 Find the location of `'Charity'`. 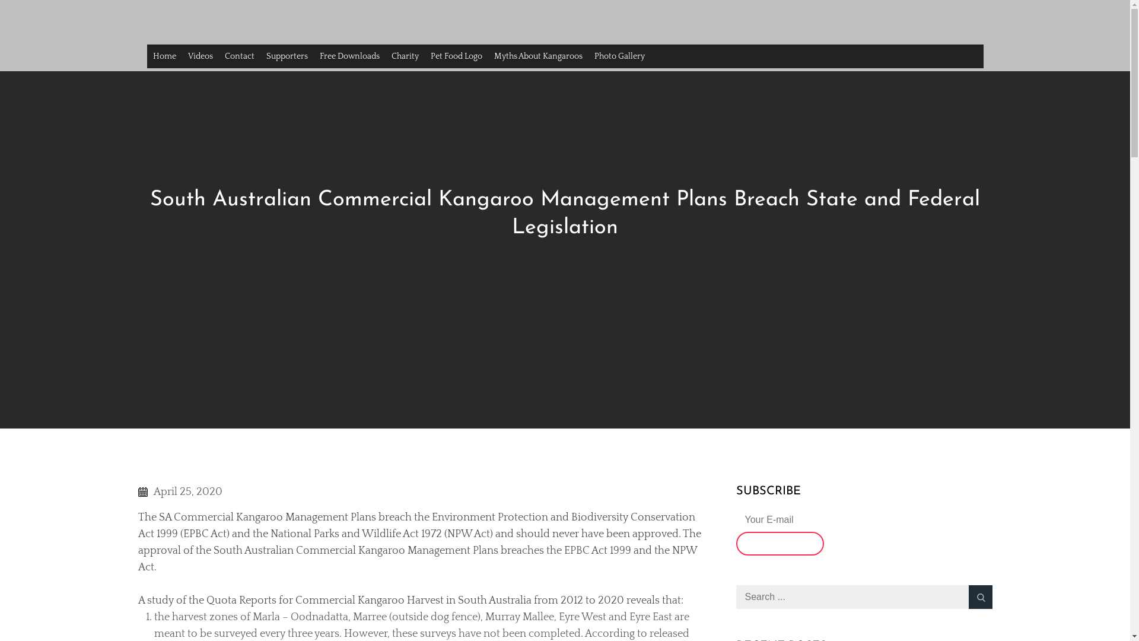

'Charity' is located at coordinates (385, 56).